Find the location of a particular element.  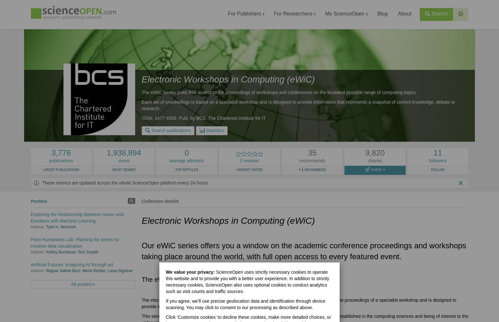

'views' is located at coordinates (123, 160).